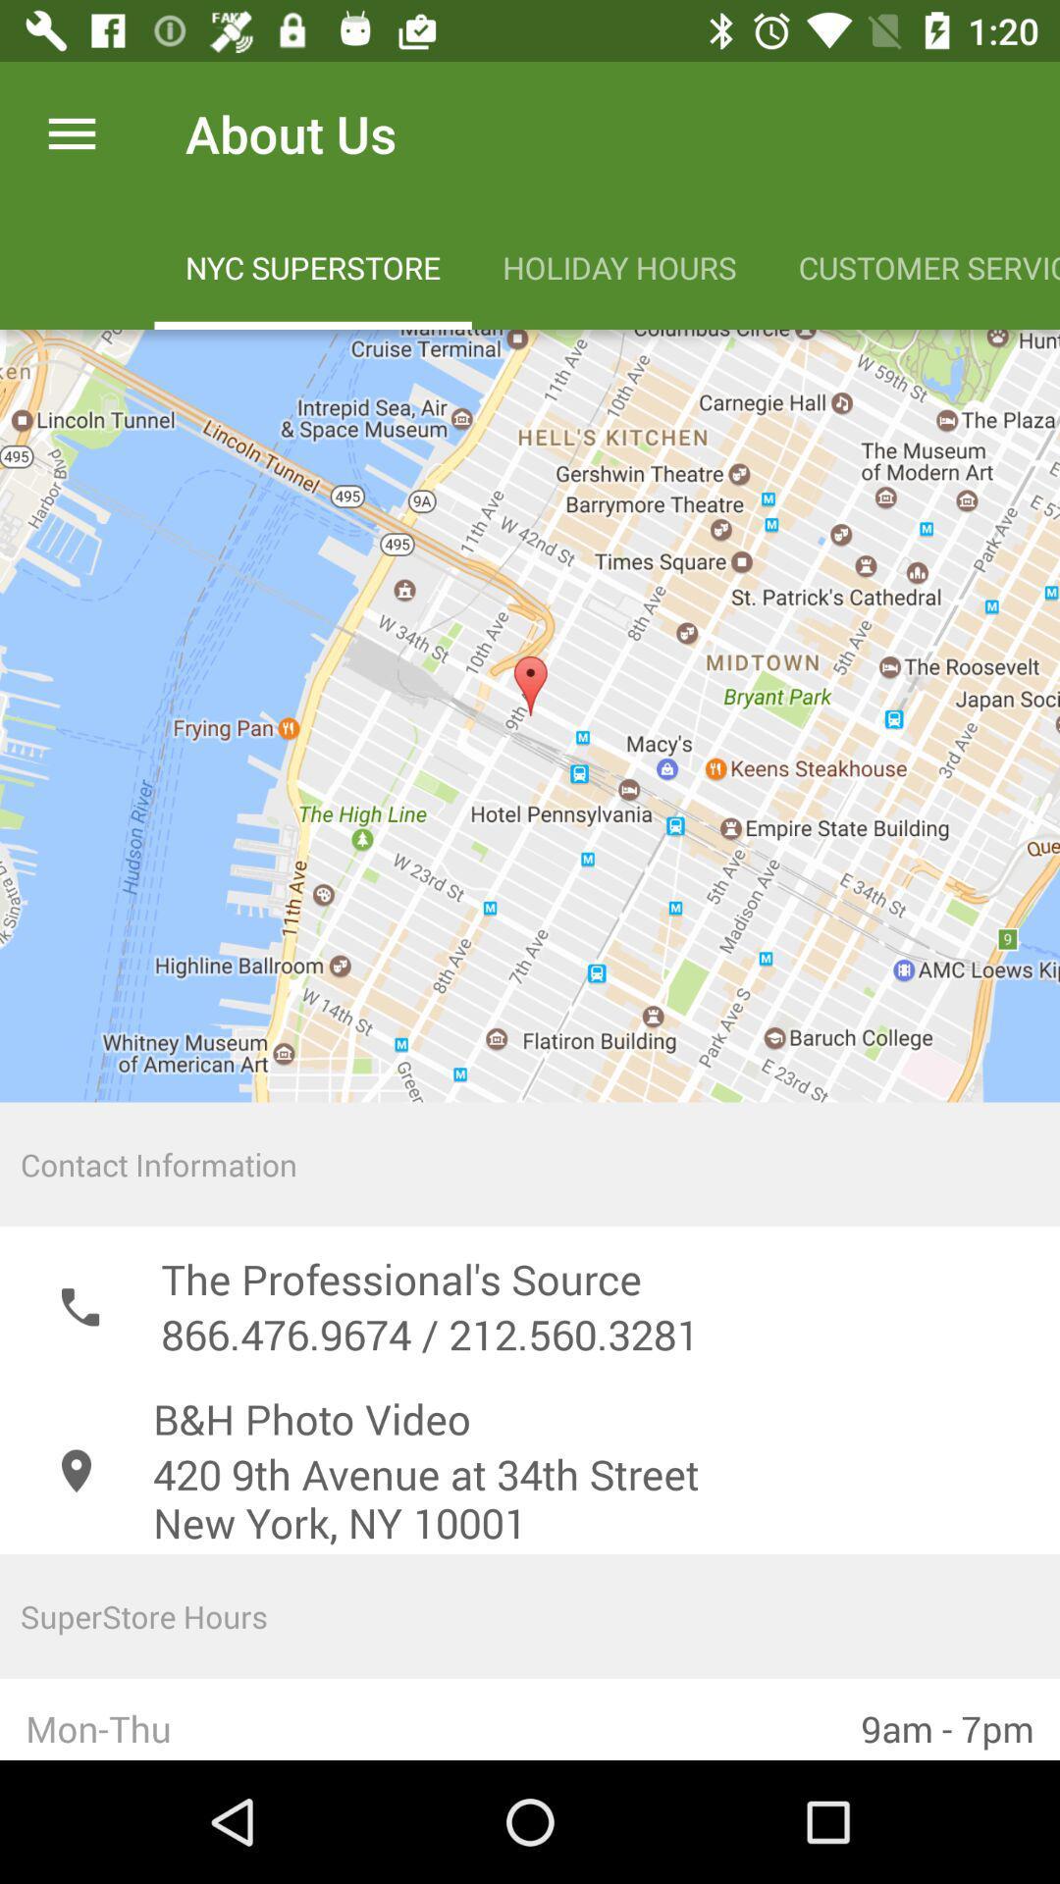  I want to click on enlarge maps, so click(530, 714).